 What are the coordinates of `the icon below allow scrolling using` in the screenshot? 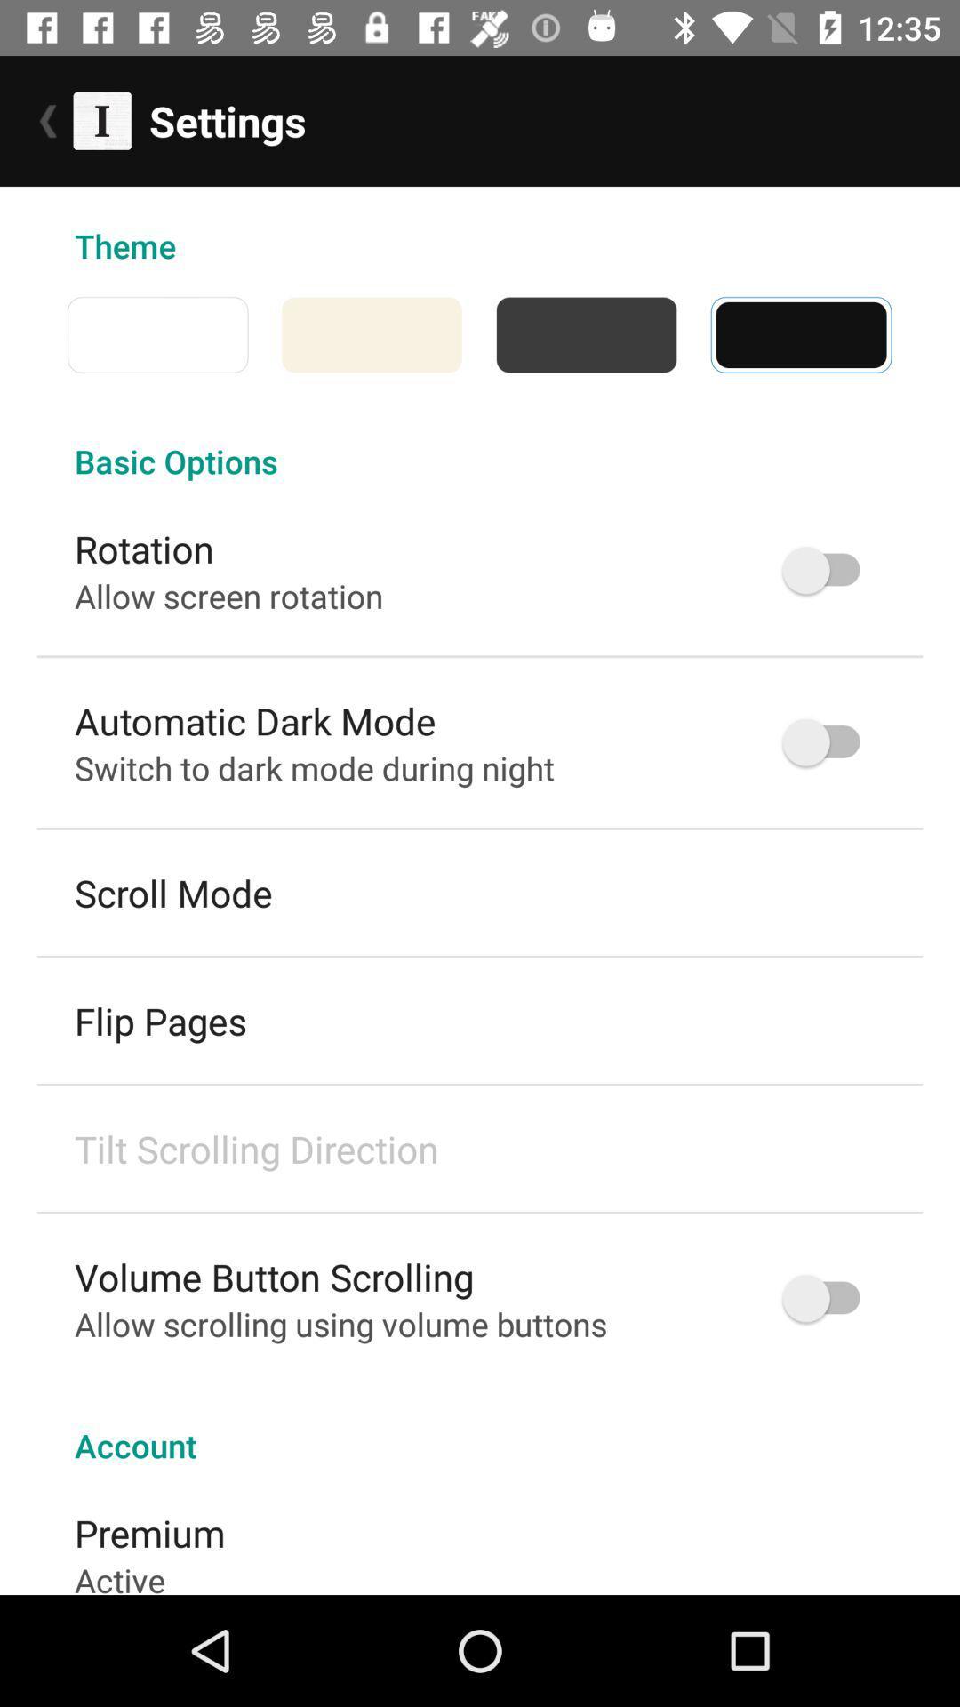 It's located at (480, 1426).